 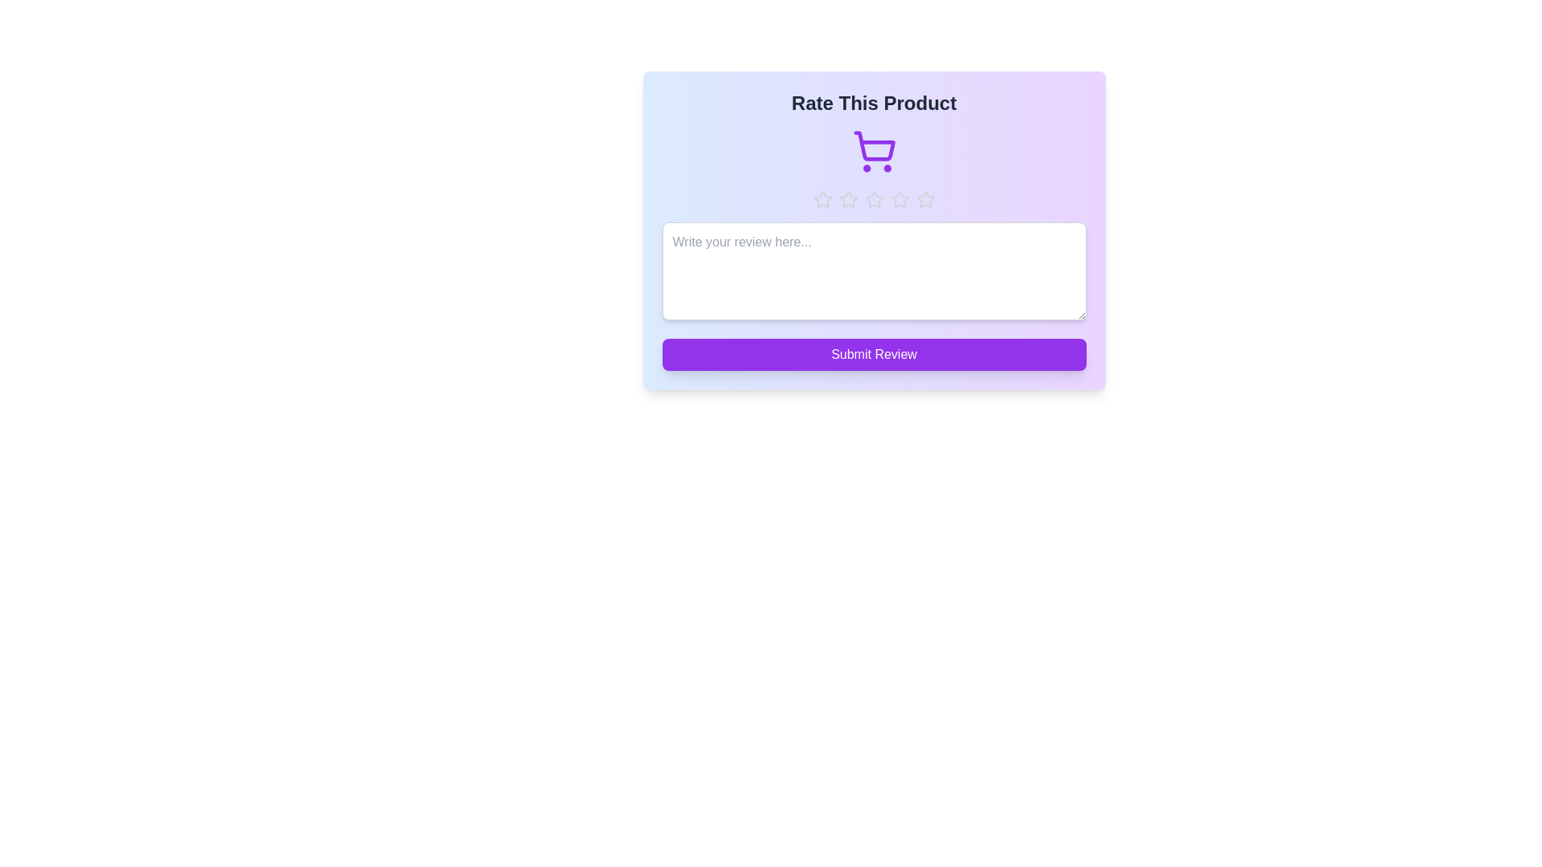 What do you see at coordinates (873, 199) in the screenshot?
I see `the star representing 3 stars to preview the rating` at bounding box center [873, 199].